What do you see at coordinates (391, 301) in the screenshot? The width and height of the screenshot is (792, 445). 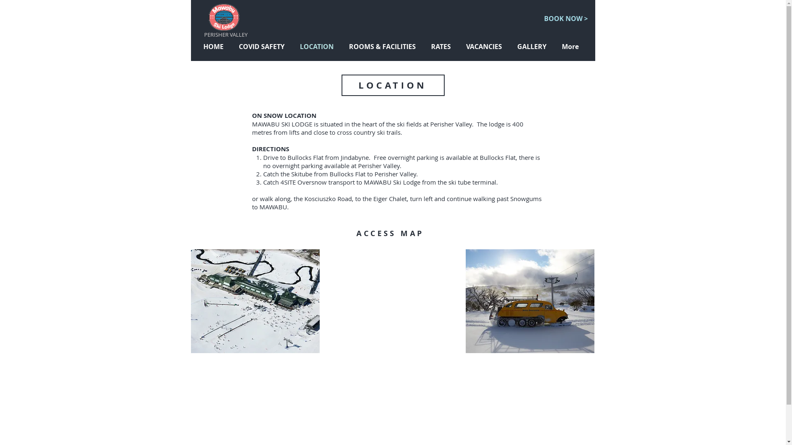 I see `'Google Maps'` at bounding box center [391, 301].